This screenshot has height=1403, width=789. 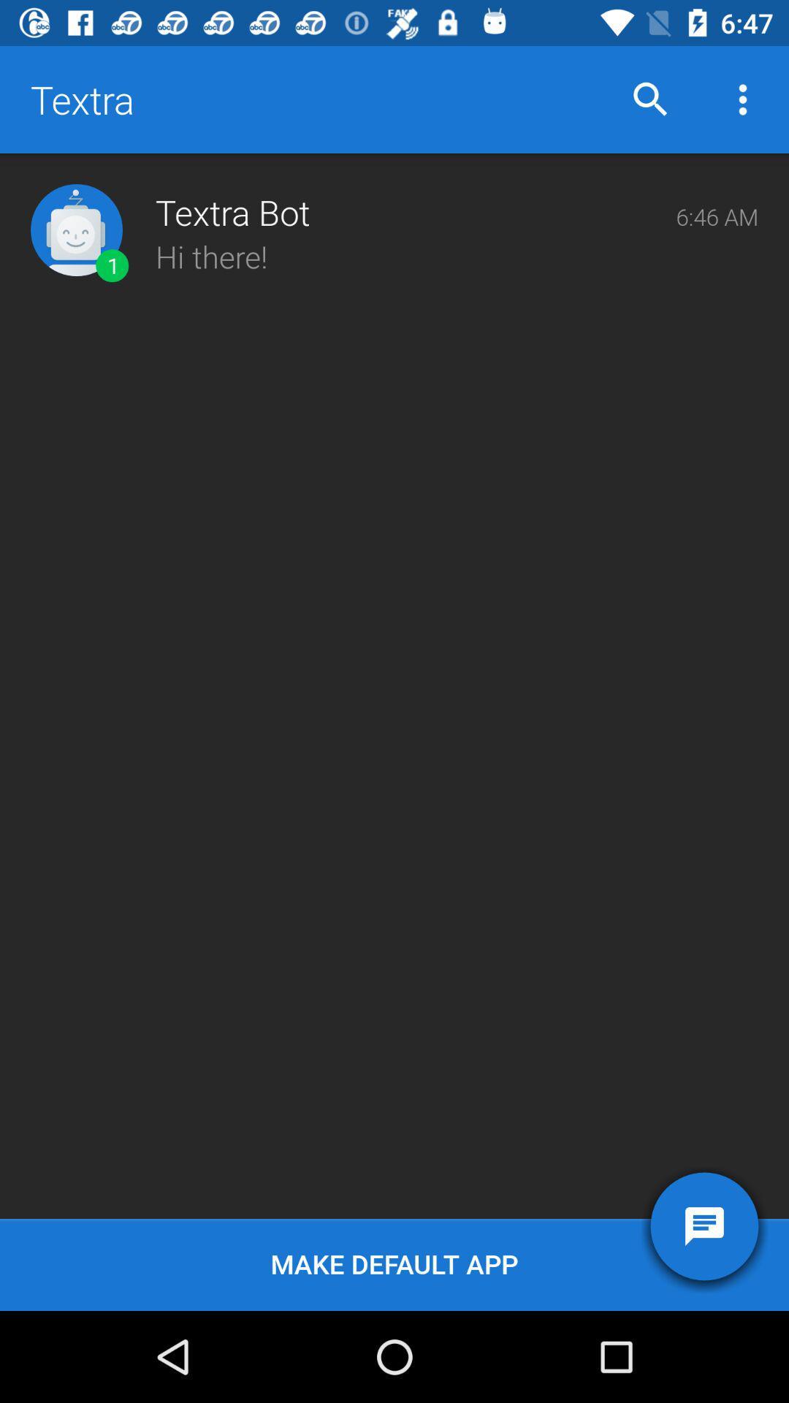 What do you see at coordinates (704, 1226) in the screenshot?
I see `the item next to the make default app icon` at bounding box center [704, 1226].